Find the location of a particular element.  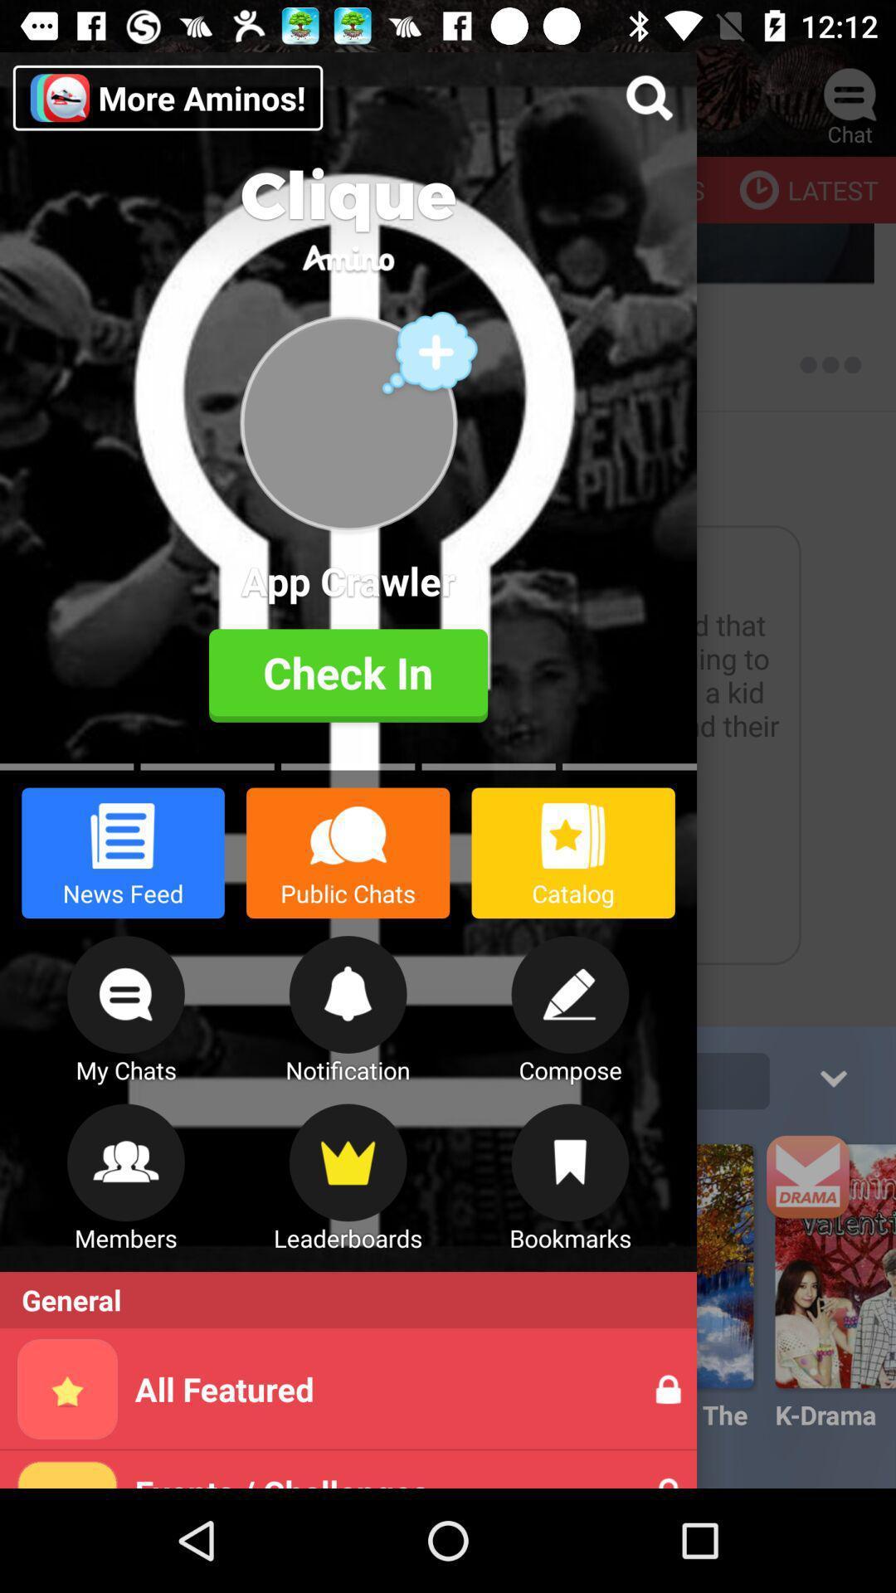

the expand_more icon is located at coordinates (832, 1076).